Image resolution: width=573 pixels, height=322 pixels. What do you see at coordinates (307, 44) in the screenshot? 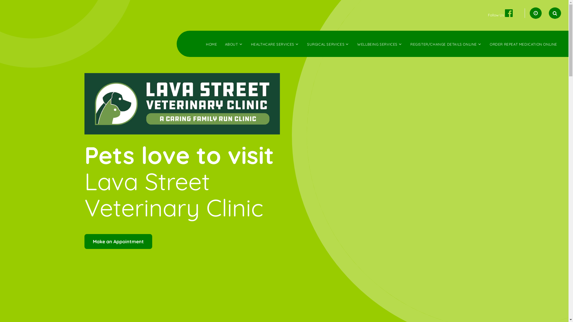
I see `'SURGICAL SERVICES'` at bounding box center [307, 44].